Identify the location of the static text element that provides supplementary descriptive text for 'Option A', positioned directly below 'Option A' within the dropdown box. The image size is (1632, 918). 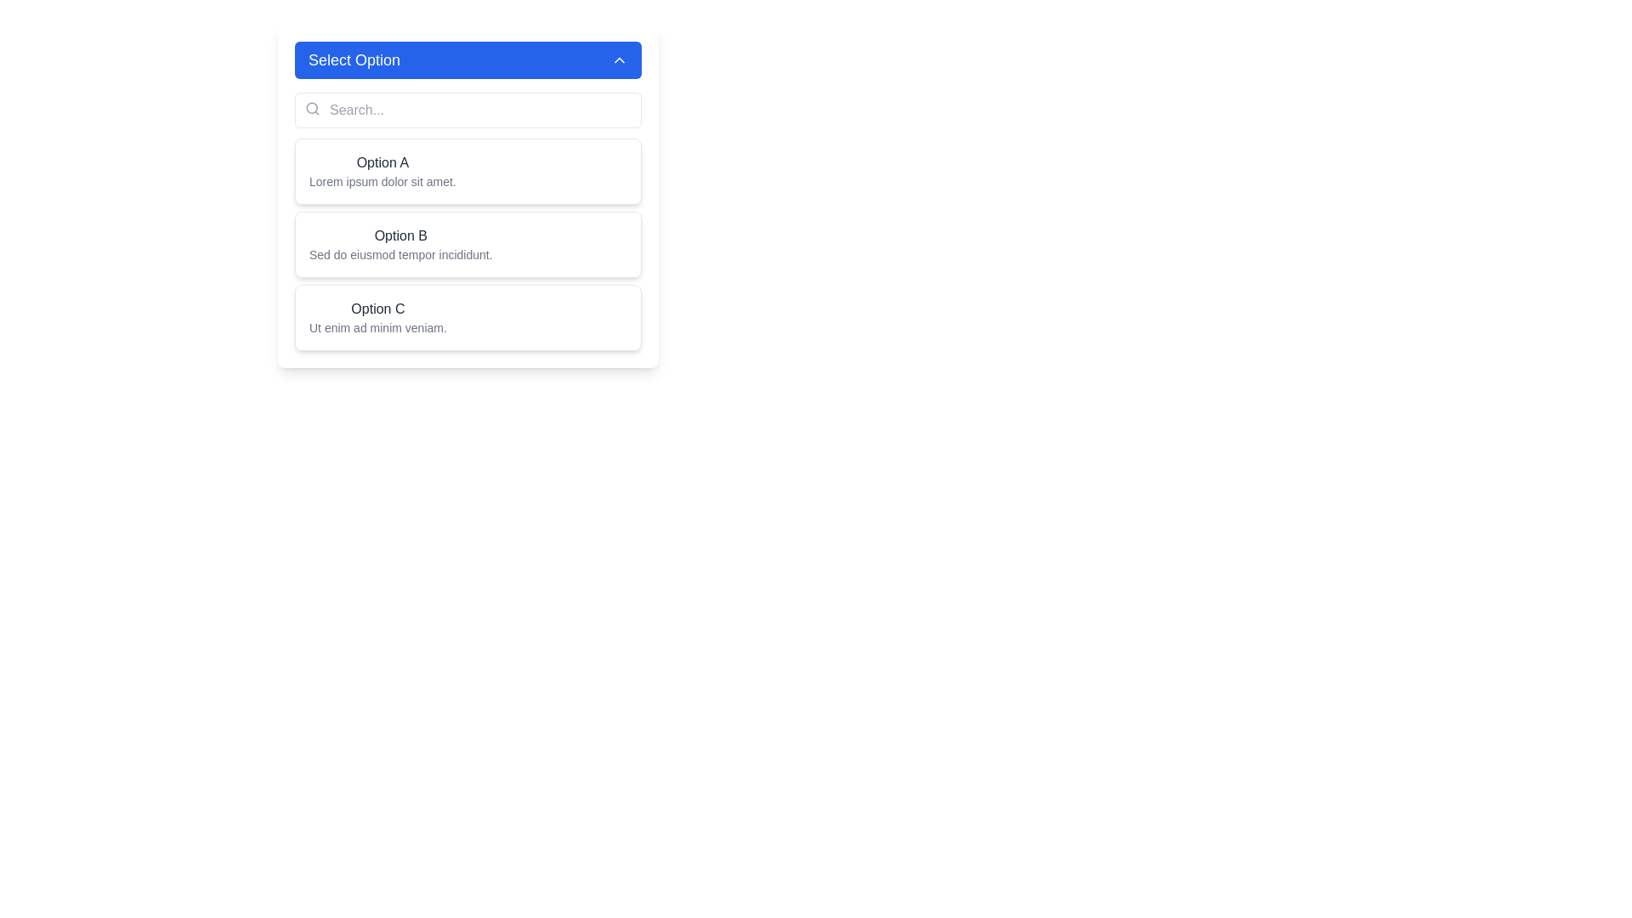
(382, 181).